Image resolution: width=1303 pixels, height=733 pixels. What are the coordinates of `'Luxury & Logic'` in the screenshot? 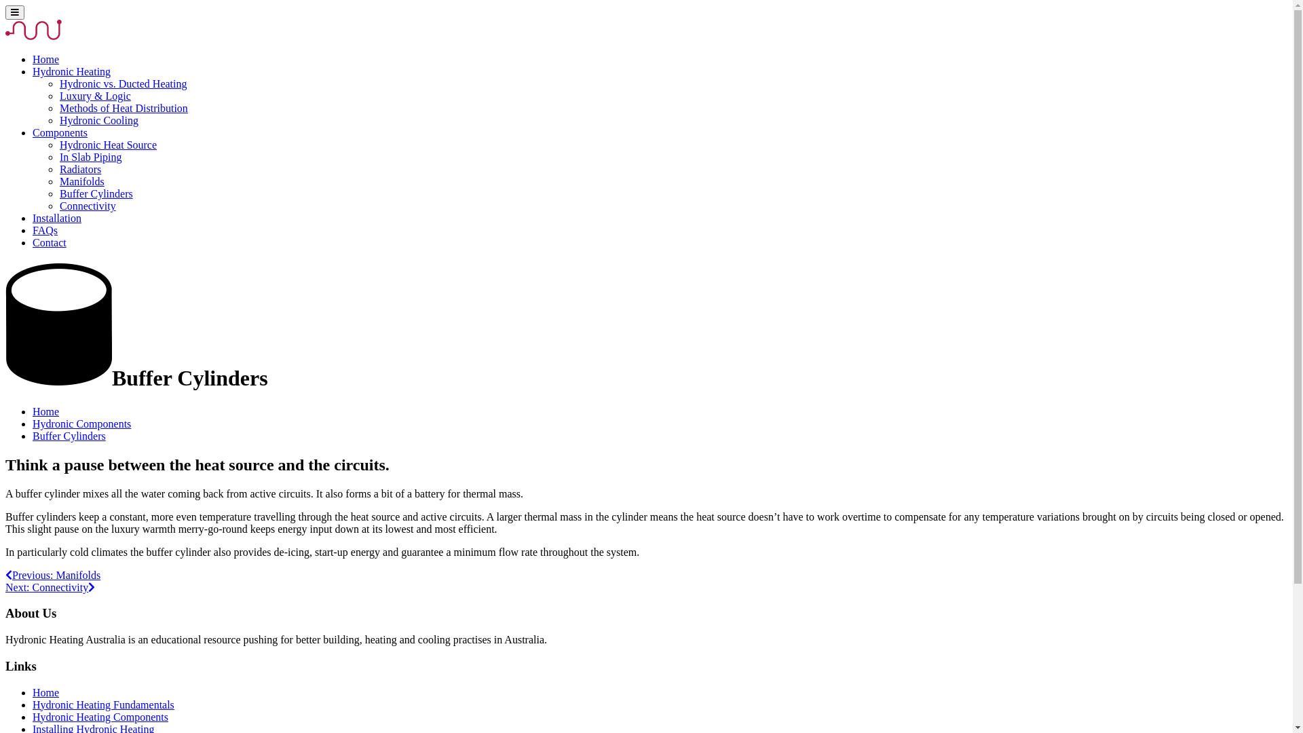 It's located at (94, 95).